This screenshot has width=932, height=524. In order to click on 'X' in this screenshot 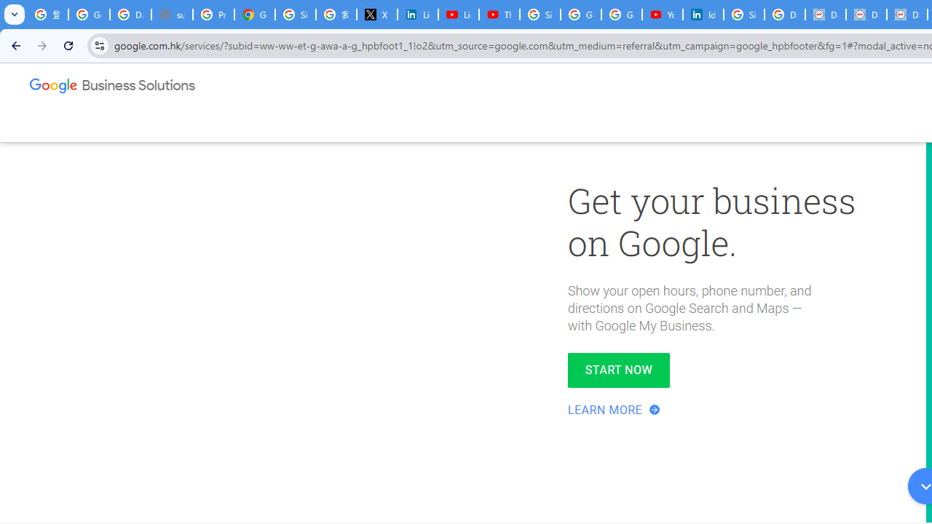, I will do `click(377, 15)`.